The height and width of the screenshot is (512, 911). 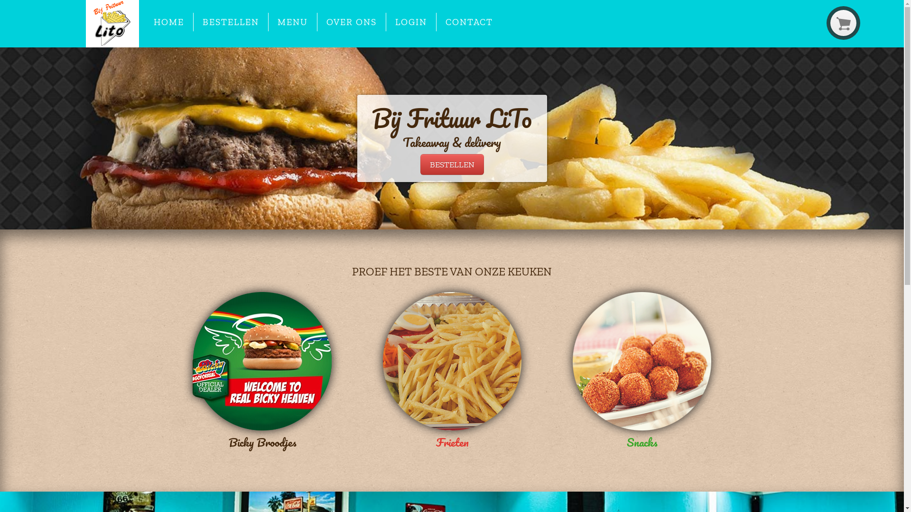 I want to click on 'MENU', so click(x=292, y=21).